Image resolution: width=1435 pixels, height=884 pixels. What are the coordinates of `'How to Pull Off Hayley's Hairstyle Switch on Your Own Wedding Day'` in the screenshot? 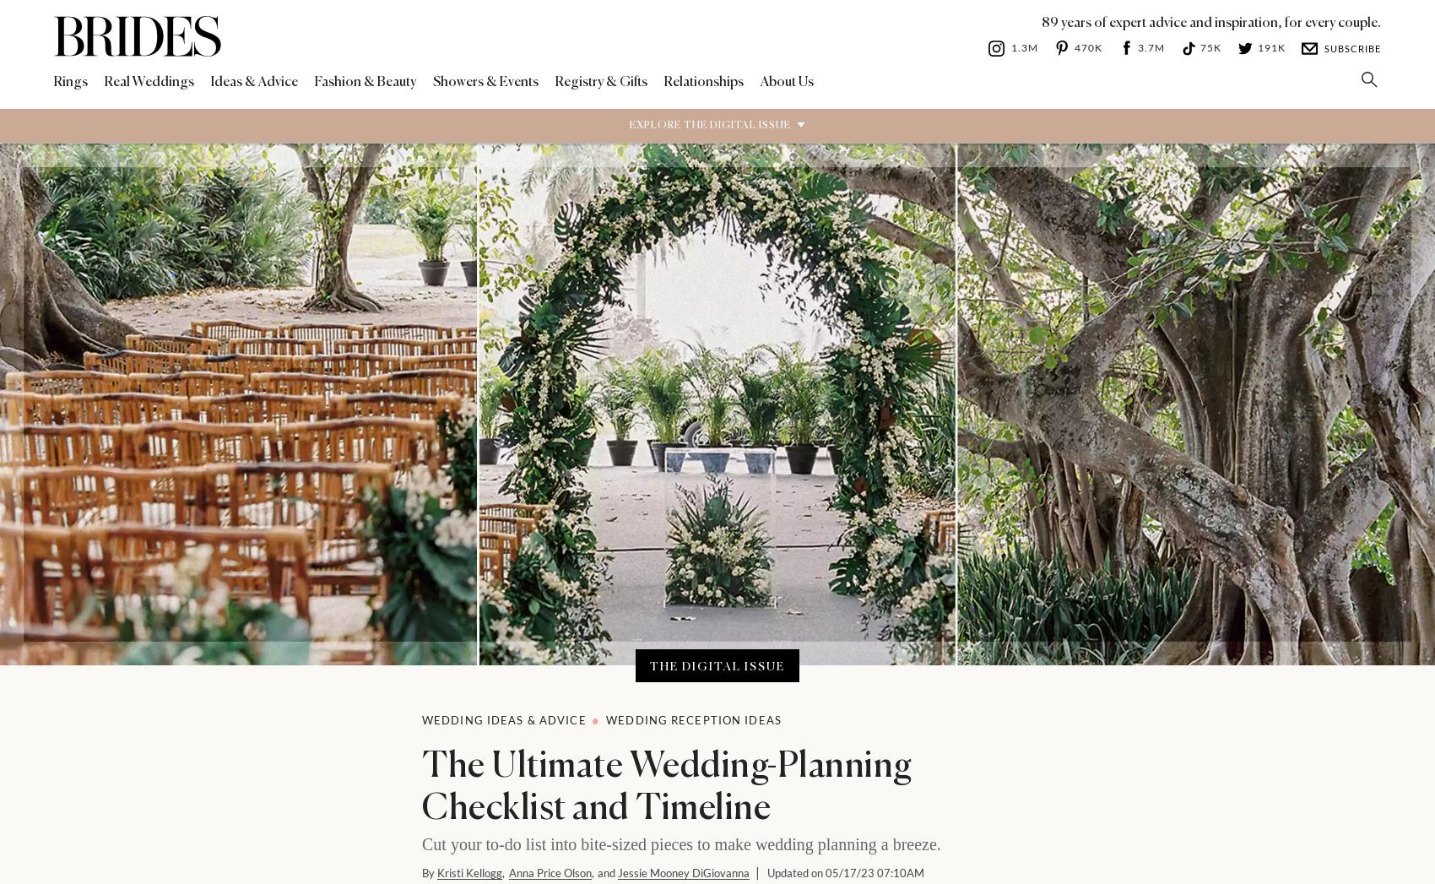 It's located at (506, 447).